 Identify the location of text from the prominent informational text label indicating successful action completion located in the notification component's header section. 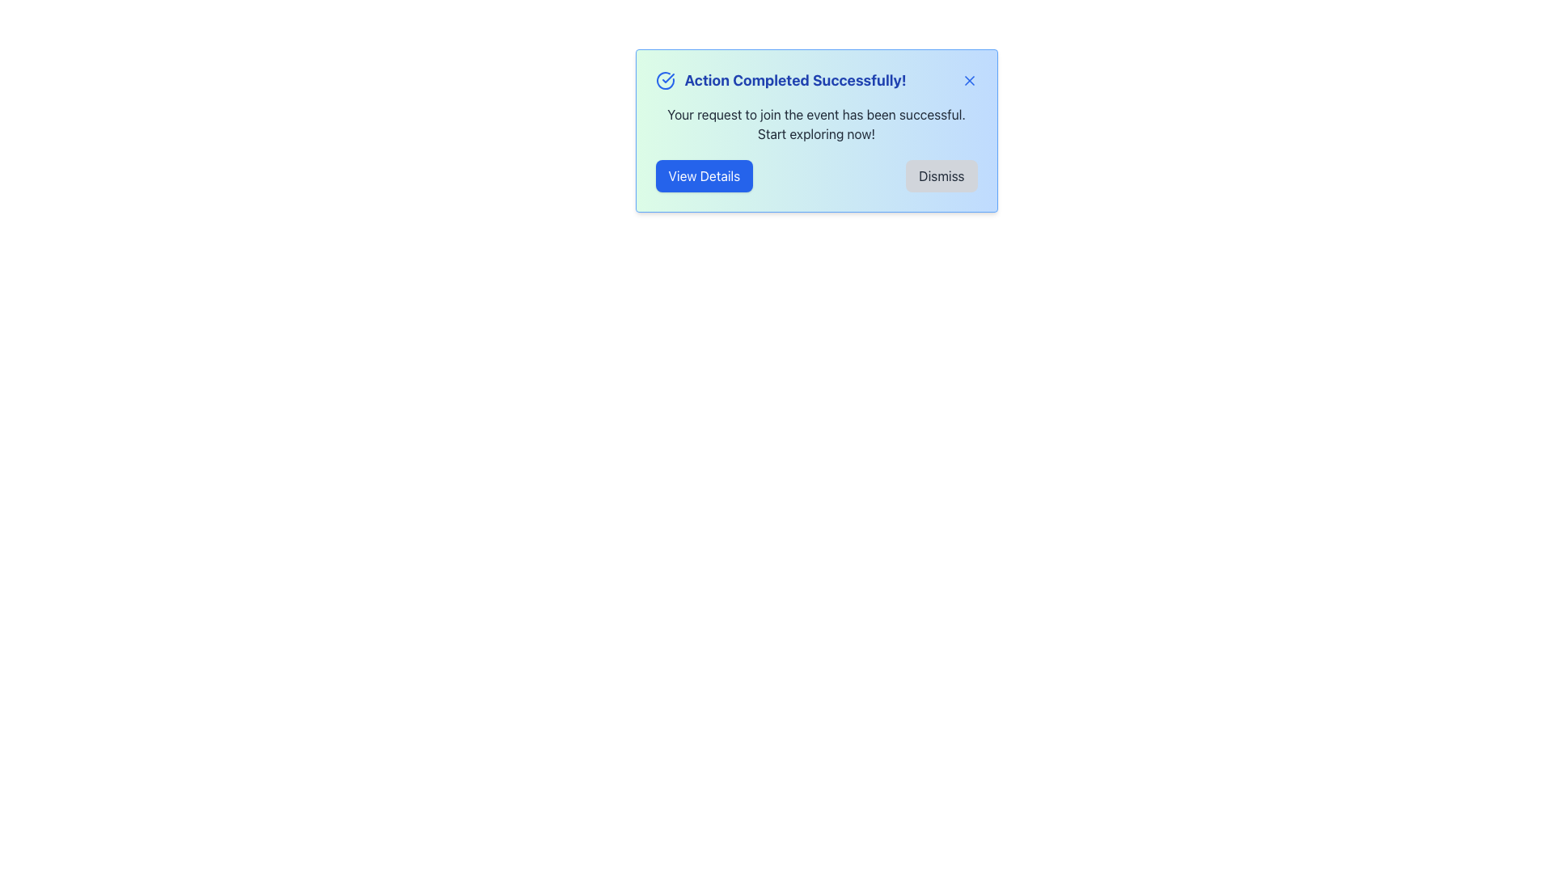
(795, 81).